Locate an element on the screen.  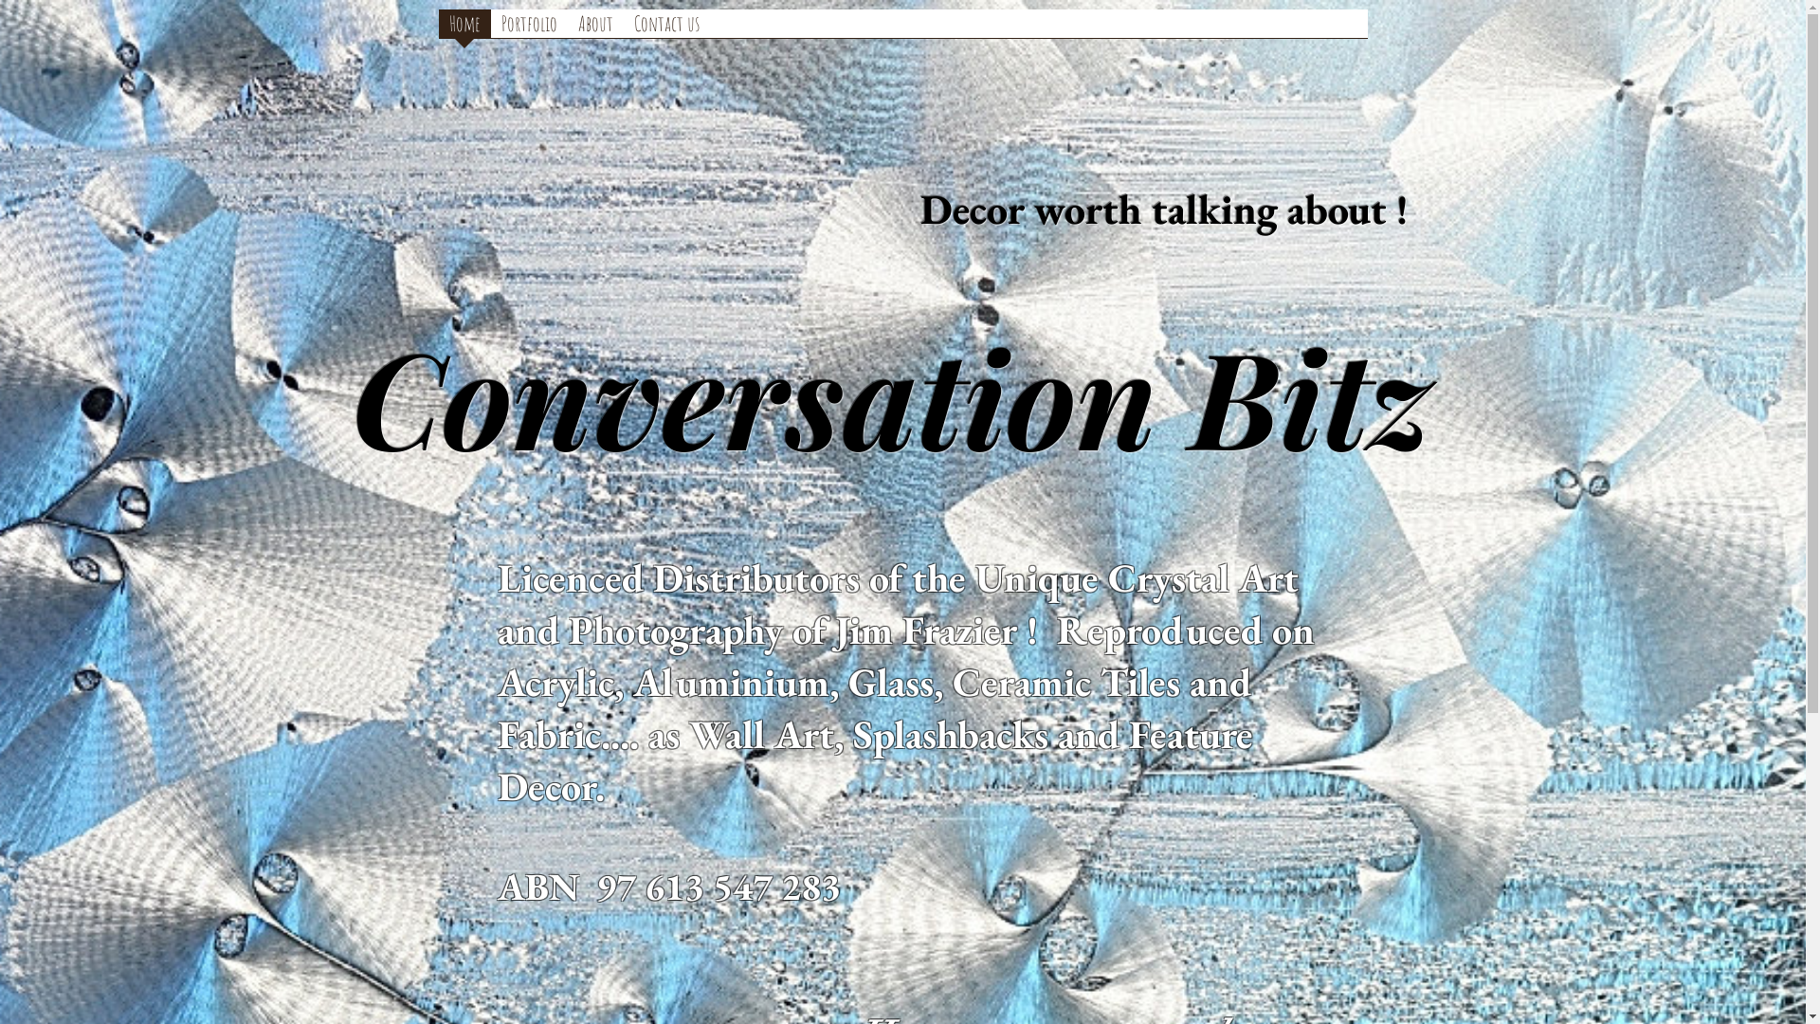
'Contact us' is located at coordinates (666, 29).